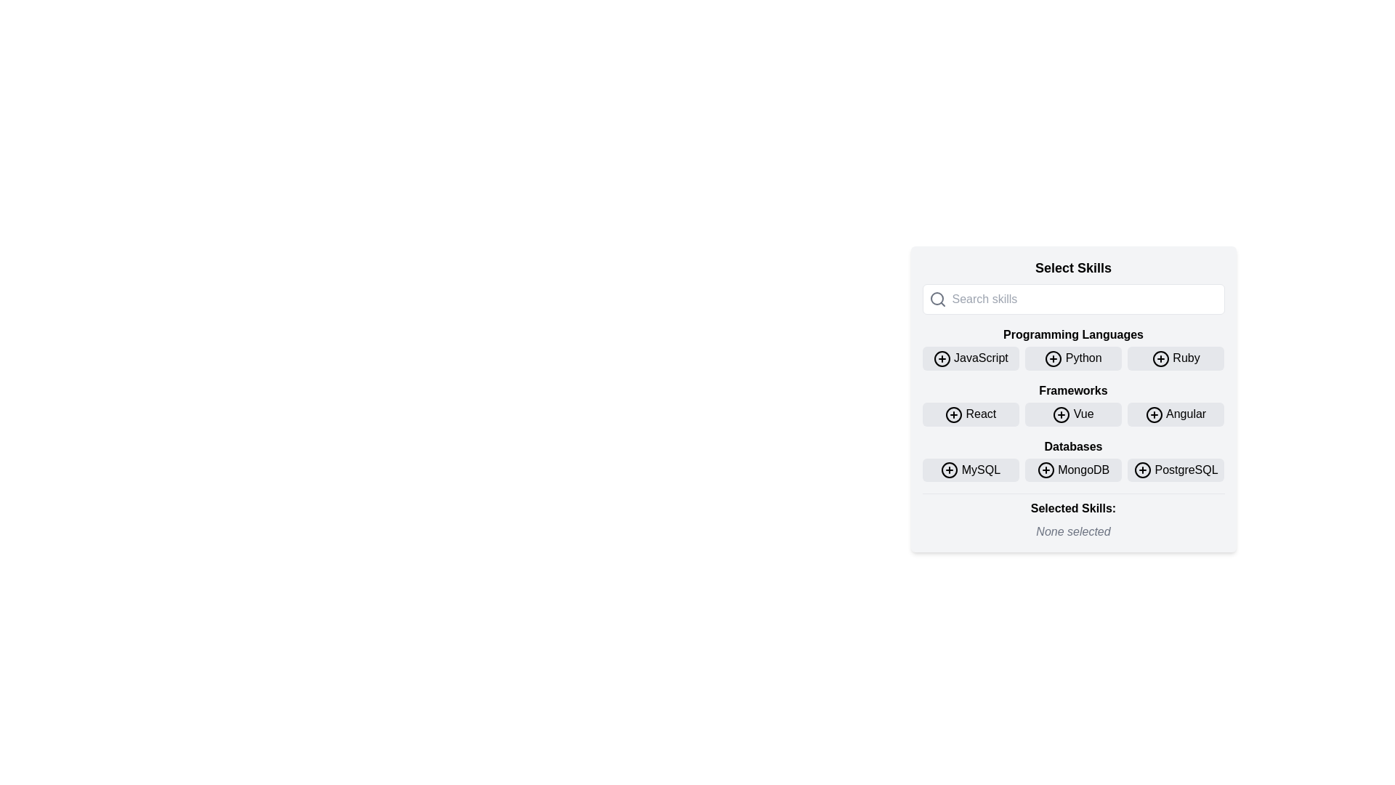 Image resolution: width=1395 pixels, height=785 pixels. Describe the element at coordinates (1160, 358) in the screenshot. I see `the circular '+' icon with a black outline inside the 'Ruby' skill button, located in the 'Programming Languages' section of the skill selector panel` at that location.